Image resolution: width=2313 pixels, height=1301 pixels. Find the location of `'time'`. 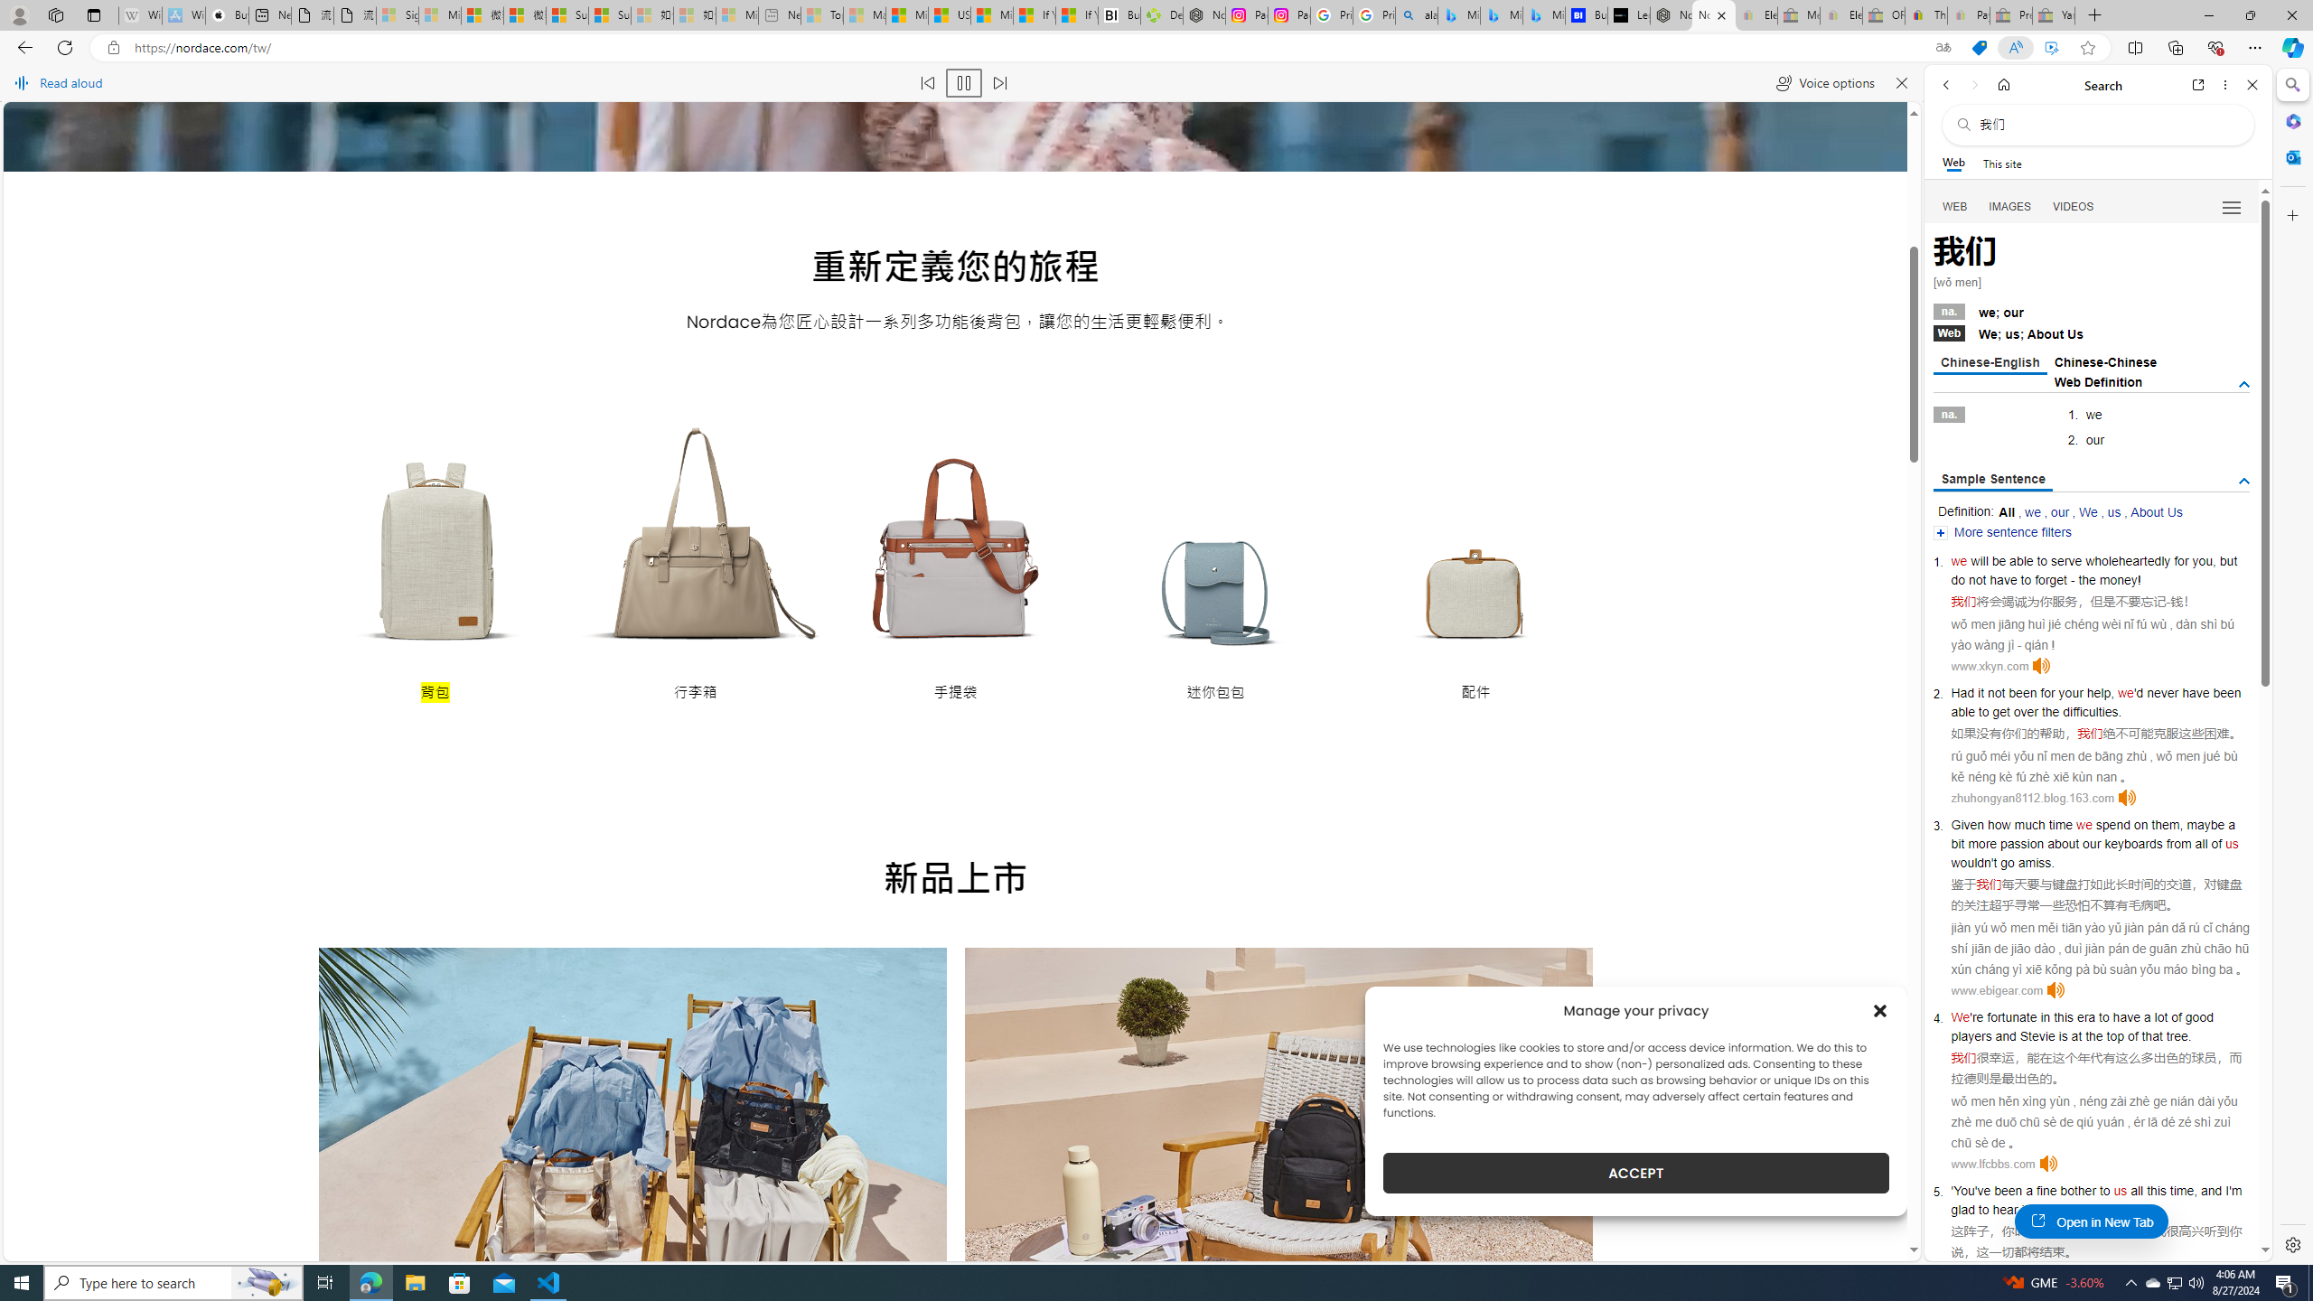

'time' is located at coordinates (2059, 823).